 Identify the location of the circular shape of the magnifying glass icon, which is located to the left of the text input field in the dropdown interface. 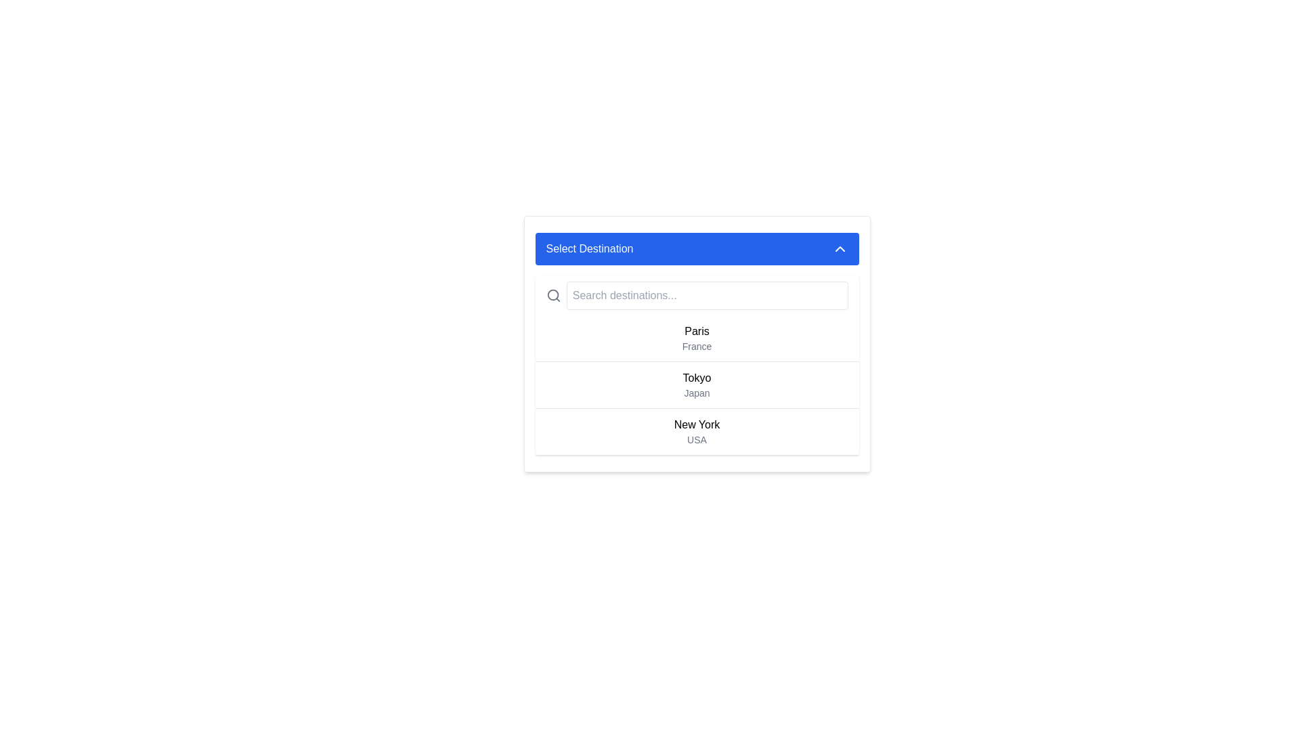
(552, 294).